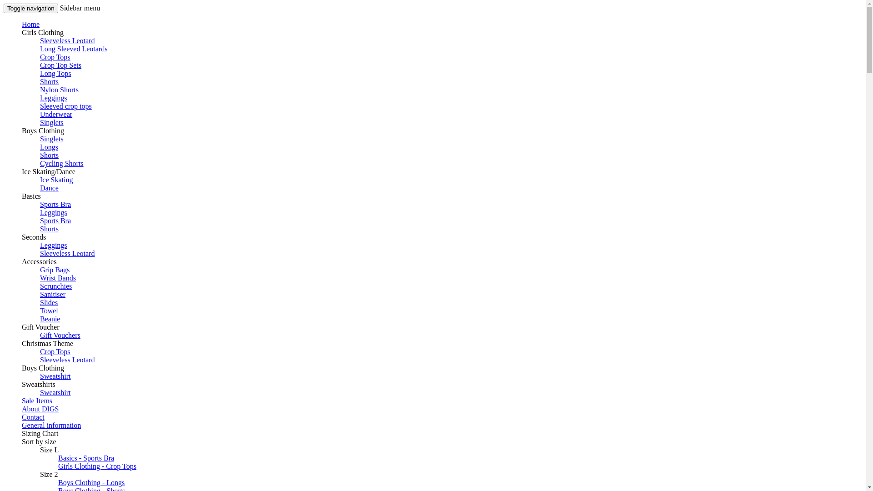  I want to click on 'Basics', so click(31, 195).